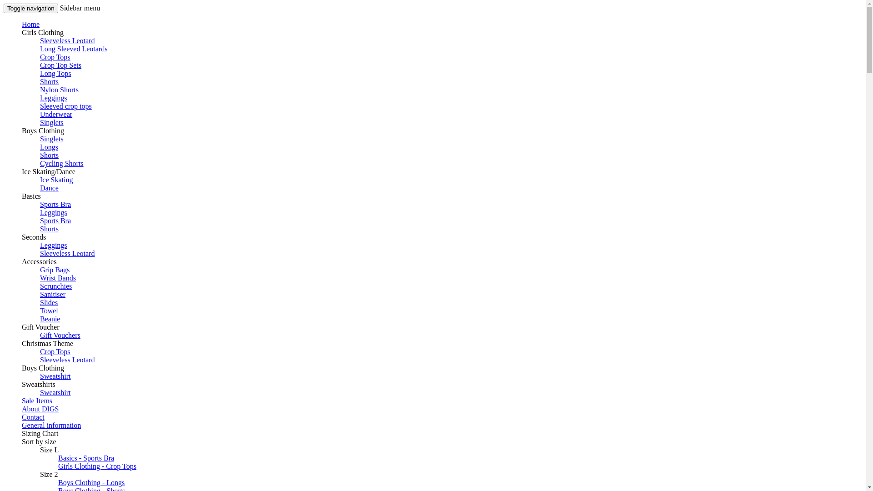  I want to click on 'Basics', so click(31, 195).